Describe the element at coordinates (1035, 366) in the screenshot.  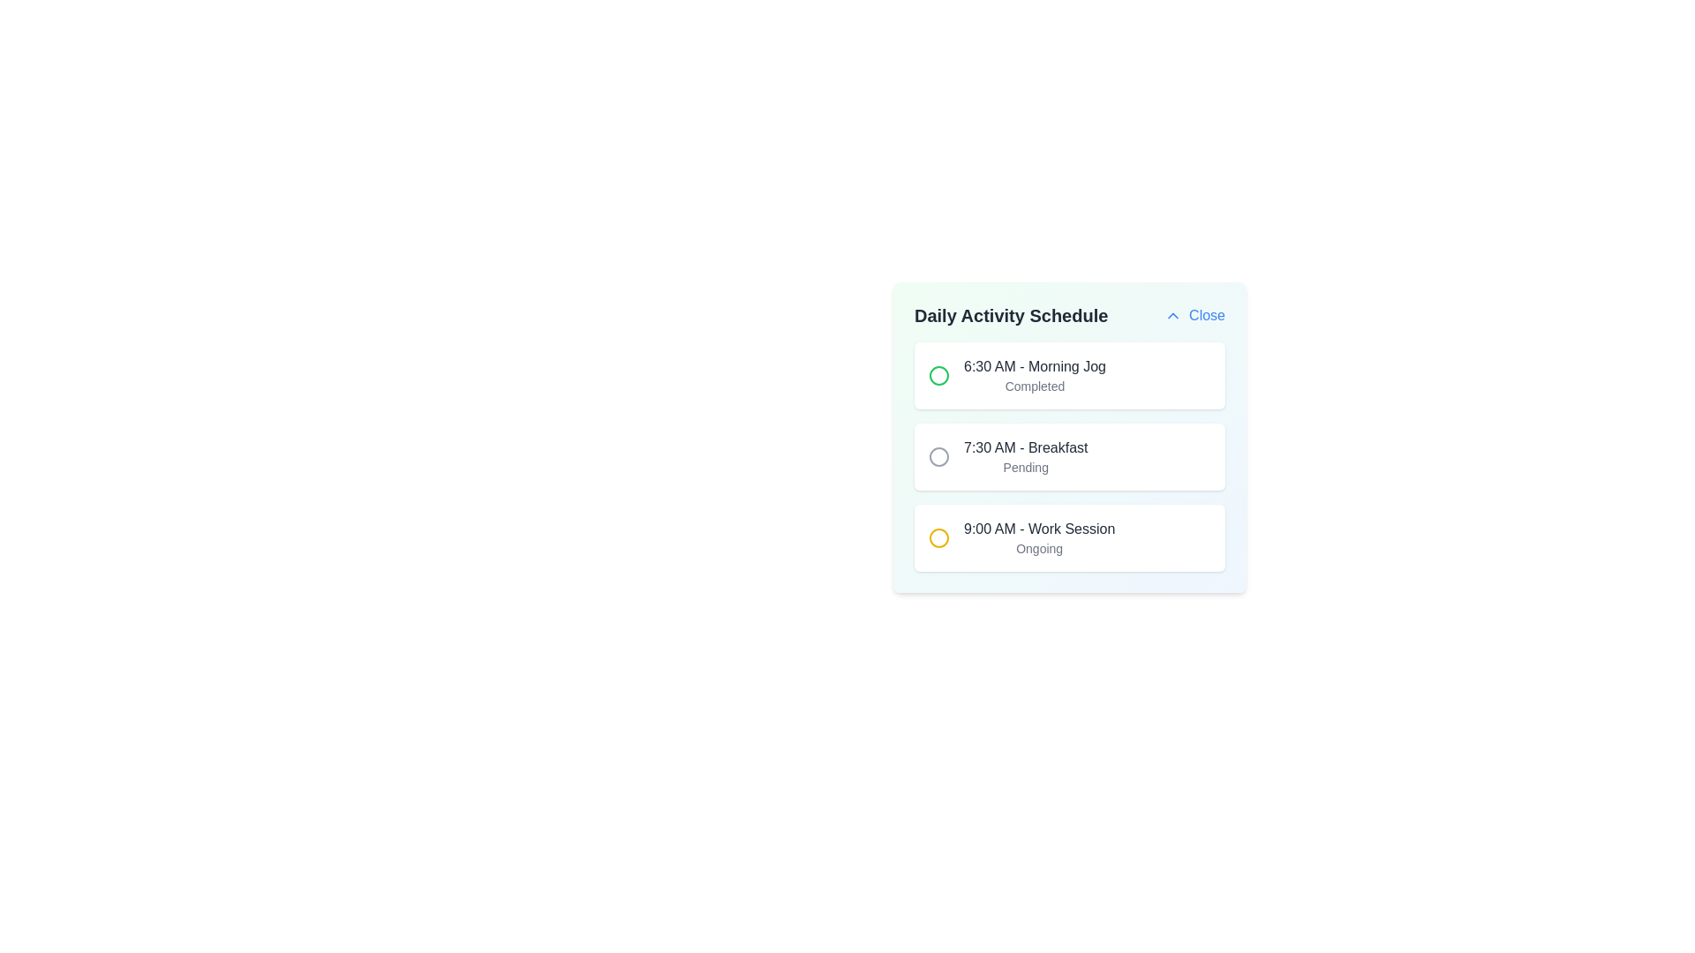
I see `static text displaying '6:30 AM - Morning Jog', which is the first item in a list of scheduled activities` at that location.